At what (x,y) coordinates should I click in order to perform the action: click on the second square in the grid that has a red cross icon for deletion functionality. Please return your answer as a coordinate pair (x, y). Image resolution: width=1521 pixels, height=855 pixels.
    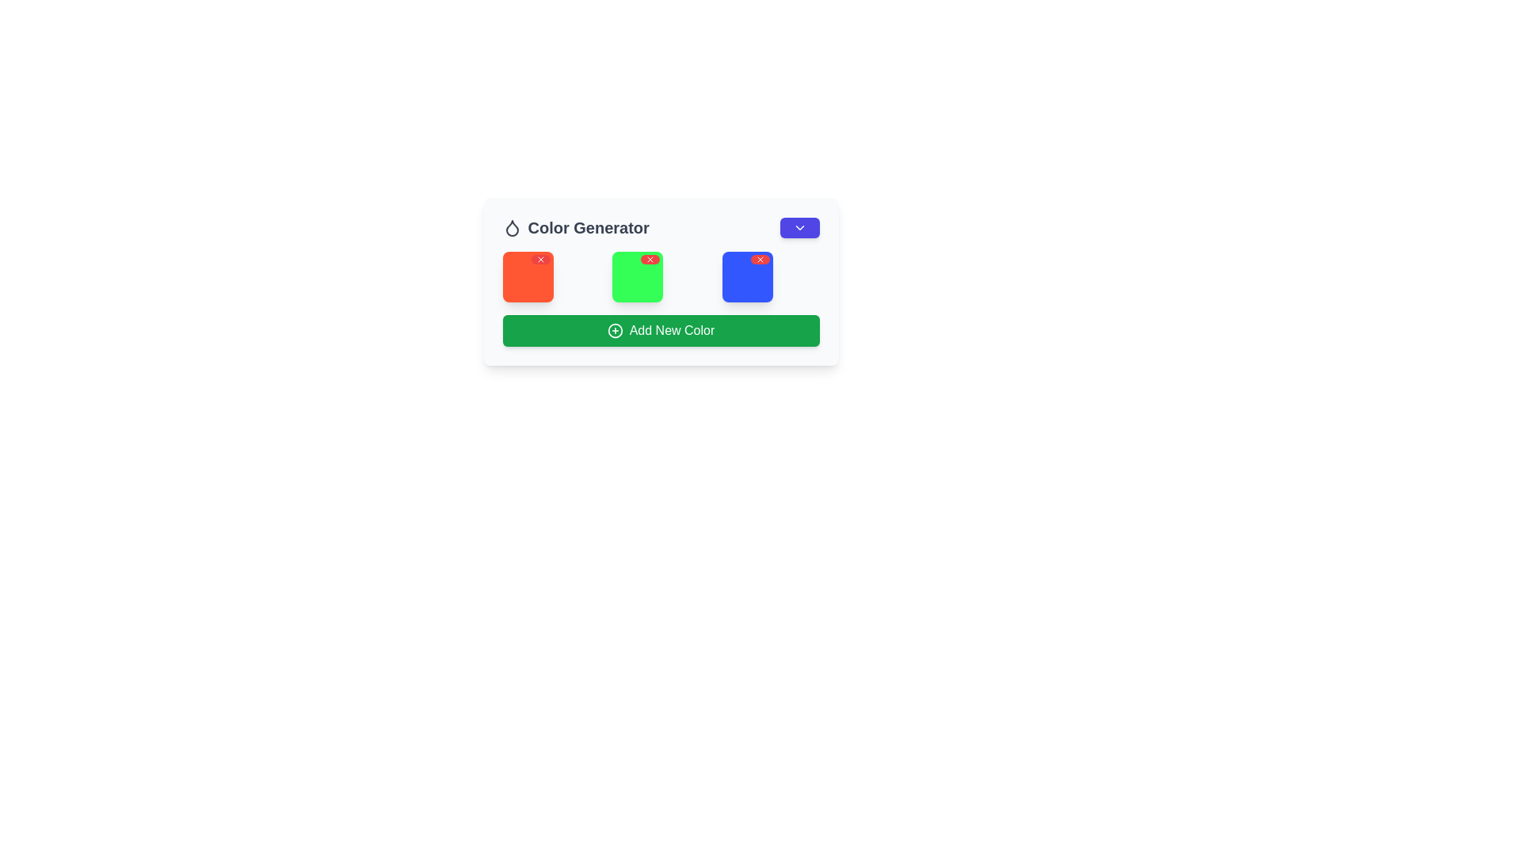
    Looking at the image, I should click on (661, 276).